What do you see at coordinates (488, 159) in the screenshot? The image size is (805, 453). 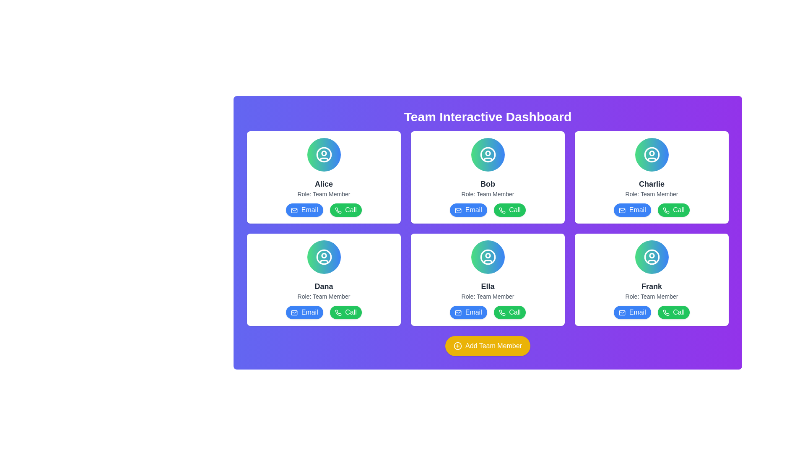 I see `the curved segment at the base of Bob's user profile icon, which is part of the user profile card located in the top-middle area of the interface` at bounding box center [488, 159].